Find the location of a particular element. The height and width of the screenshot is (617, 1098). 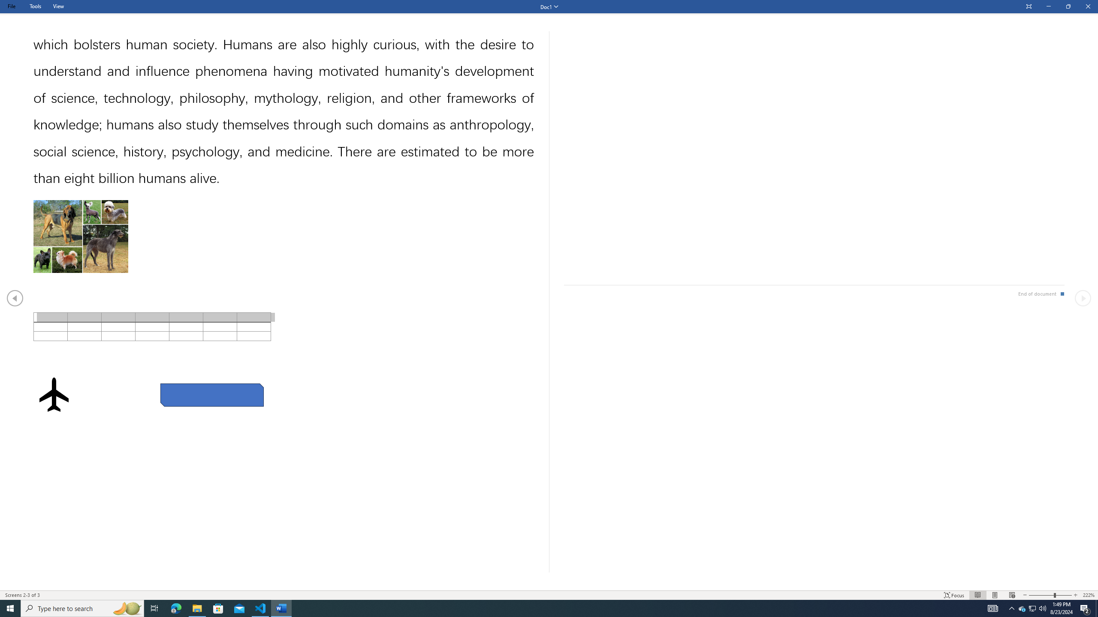

'Text Size' is located at coordinates (1050, 595).